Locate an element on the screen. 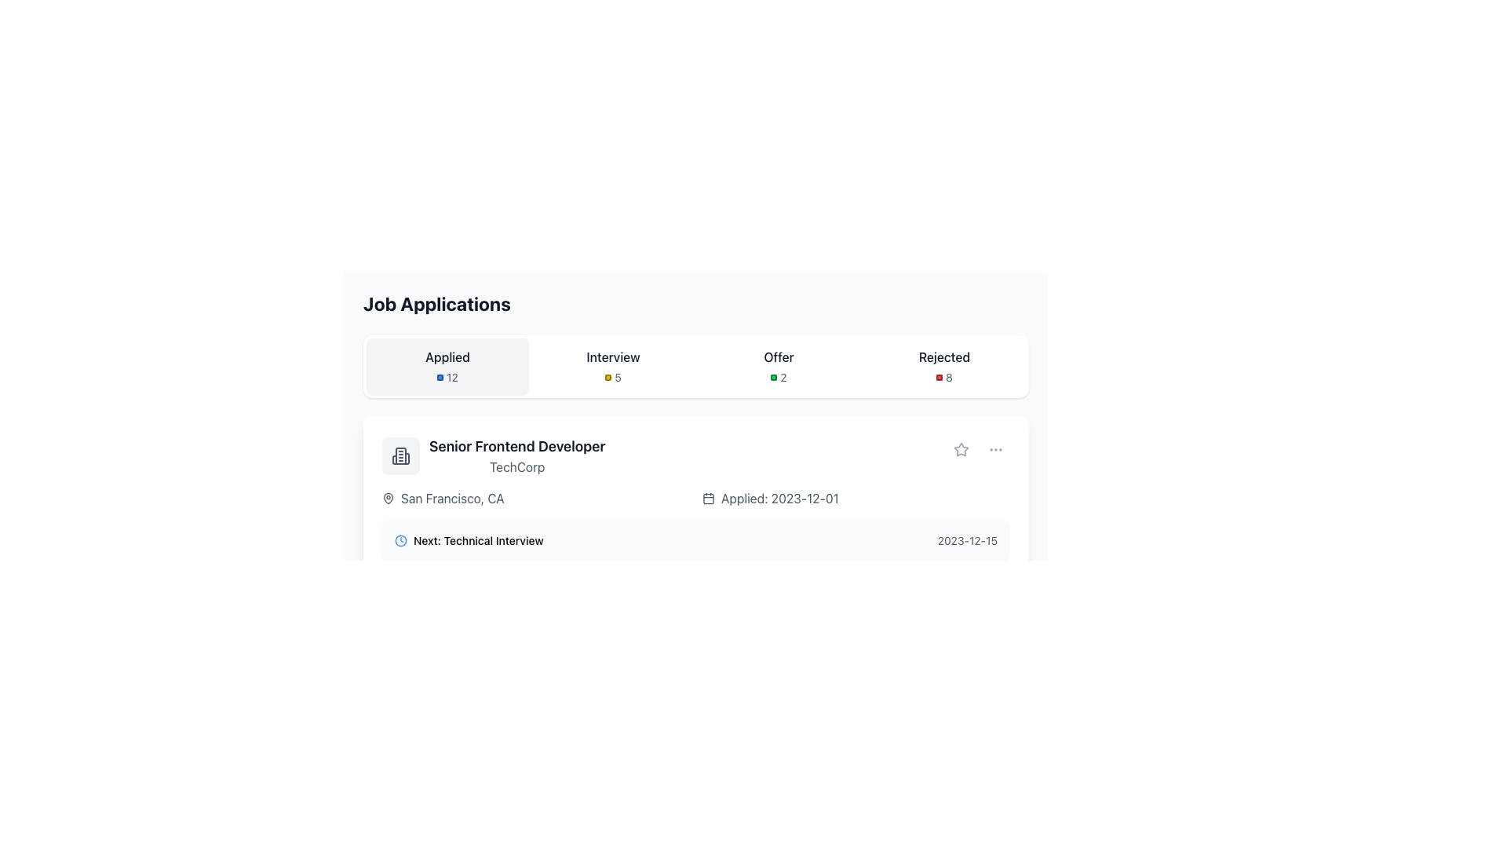 The height and width of the screenshot is (848, 1507). the small numeric label displaying the number '8' in gray font, located under the 'Rejected' category label in the 'Job Applications' section is located at coordinates (948, 378).